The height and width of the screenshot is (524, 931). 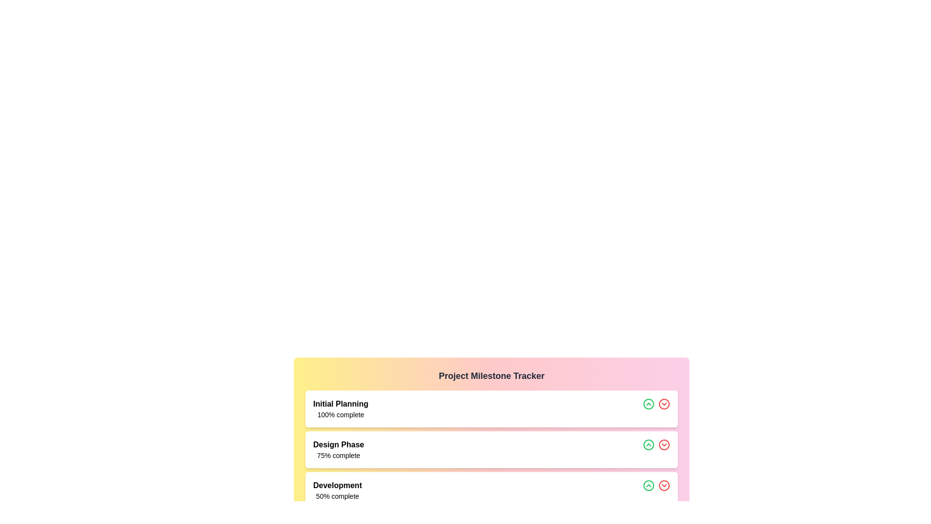 What do you see at coordinates (663, 445) in the screenshot?
I see `the red circular icon with a downward-pointing chevron in the milestone tracker interface` at bounding box center [663, 445].